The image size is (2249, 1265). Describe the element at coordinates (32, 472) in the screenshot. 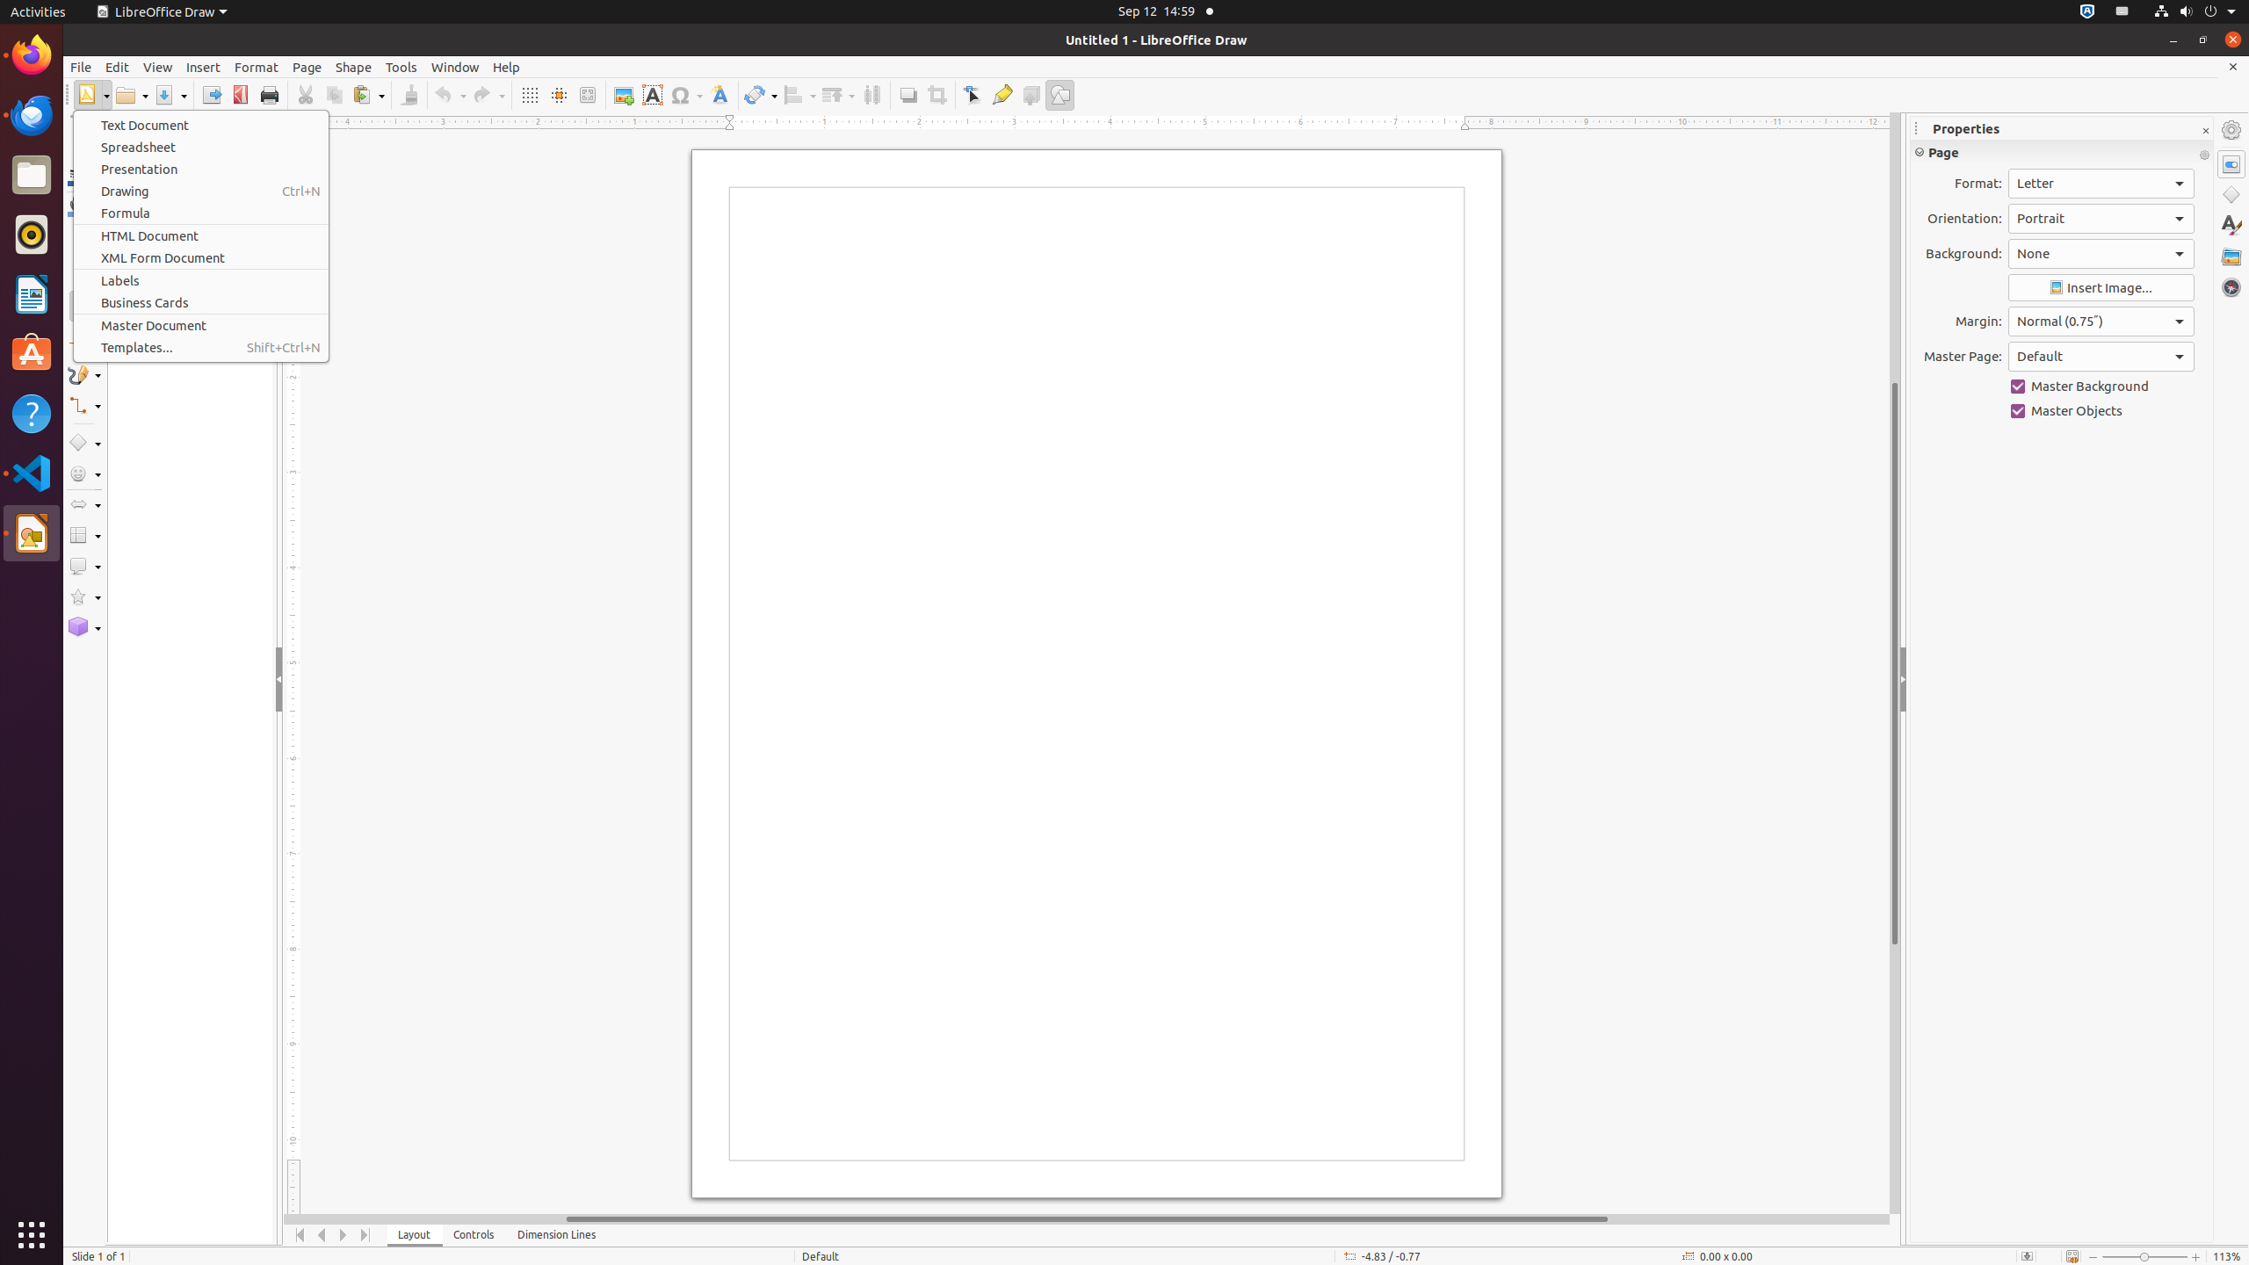

I see `'Visual Studio Code'` at that location.